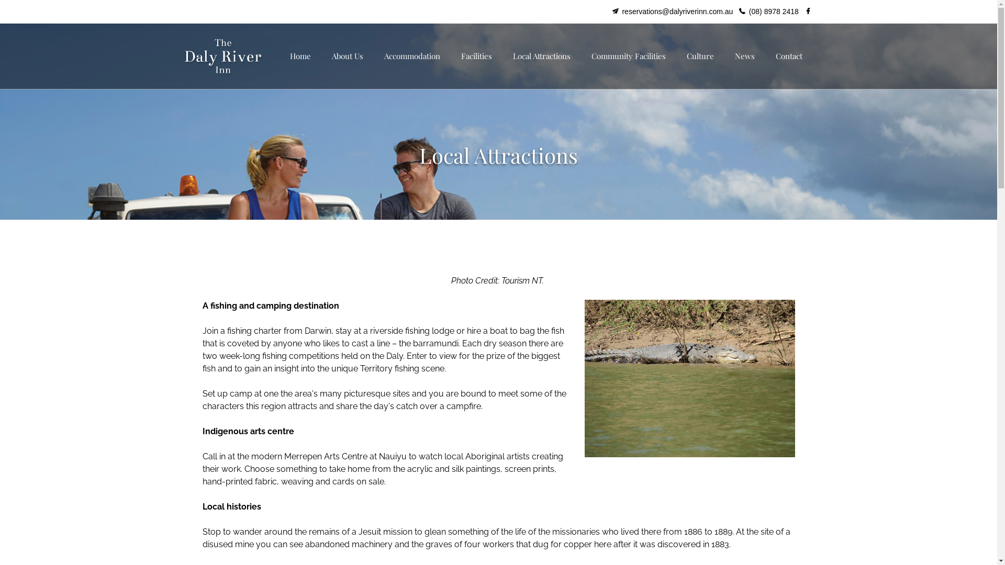  What do you see at coordinates (744, 56) in the screenshot?
I see `'News'` at bounding box center [744, 56].